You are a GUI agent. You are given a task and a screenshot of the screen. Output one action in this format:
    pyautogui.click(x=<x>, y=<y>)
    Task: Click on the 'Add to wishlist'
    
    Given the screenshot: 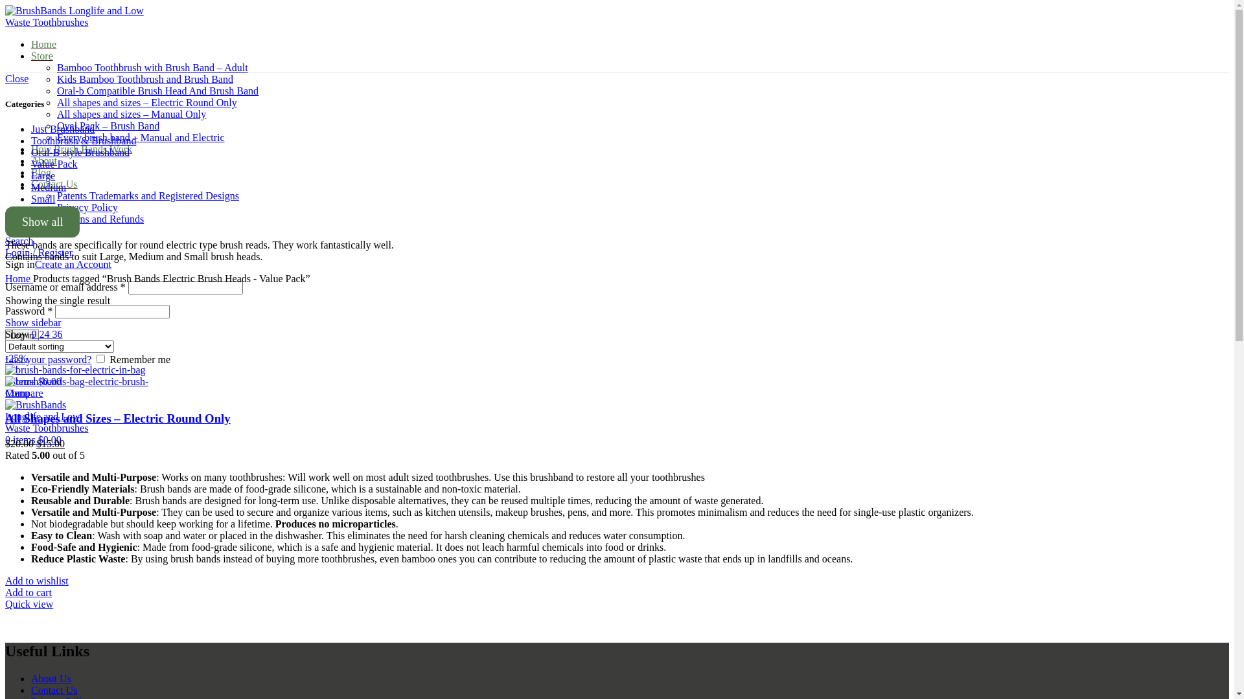 What is the action you would take?
    pyautogui.click(x=37, y=580)
    